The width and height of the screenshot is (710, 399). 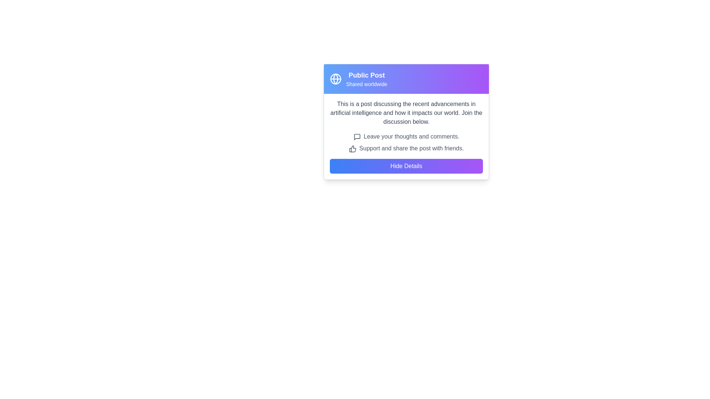 What do you see at coordinates (366, 83) in the screenshot?
I see `the text label that reads 'Shared worldwide', located beneath the 'Public Post' heading within the card component with a gradient background` at bounding box center [366, 83].